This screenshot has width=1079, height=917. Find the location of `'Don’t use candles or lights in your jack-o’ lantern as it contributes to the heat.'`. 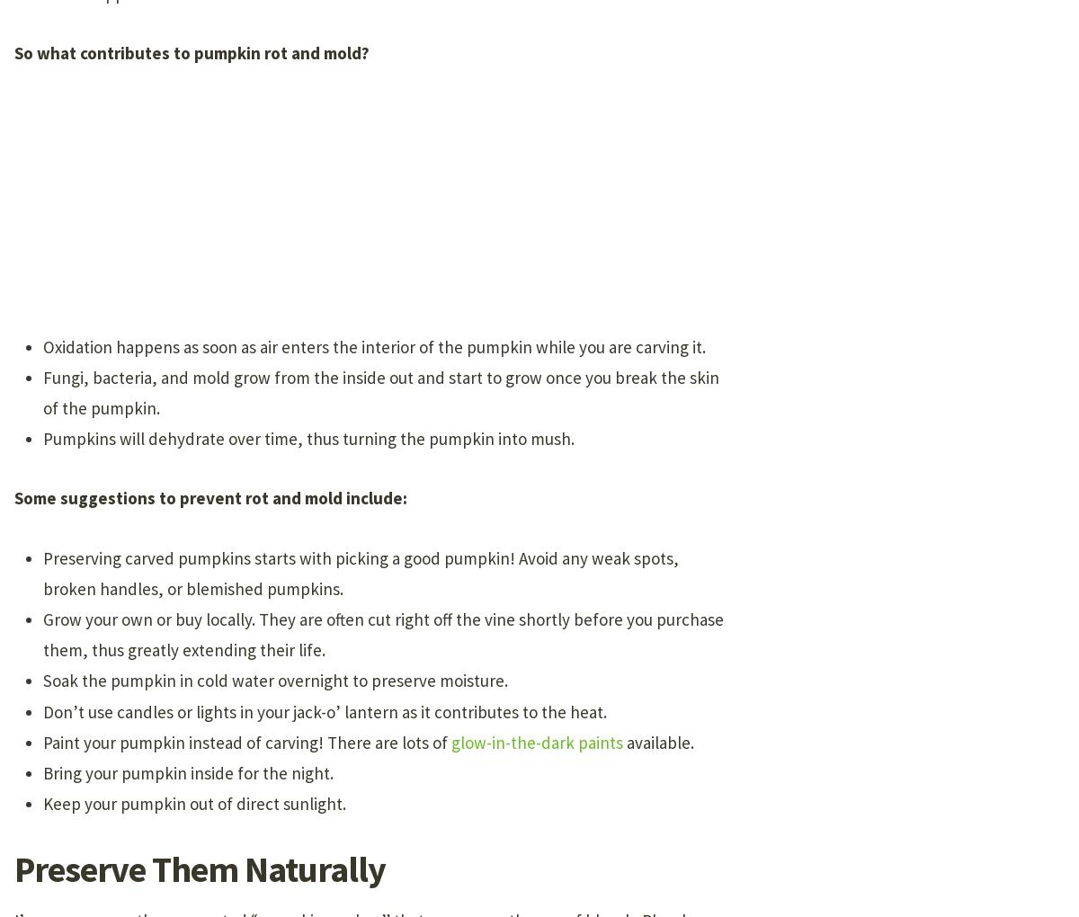

'Don’t use candles or lights in your jack-o’ lantern as it contributes to the heat.' is located at coordinates (325, 710).